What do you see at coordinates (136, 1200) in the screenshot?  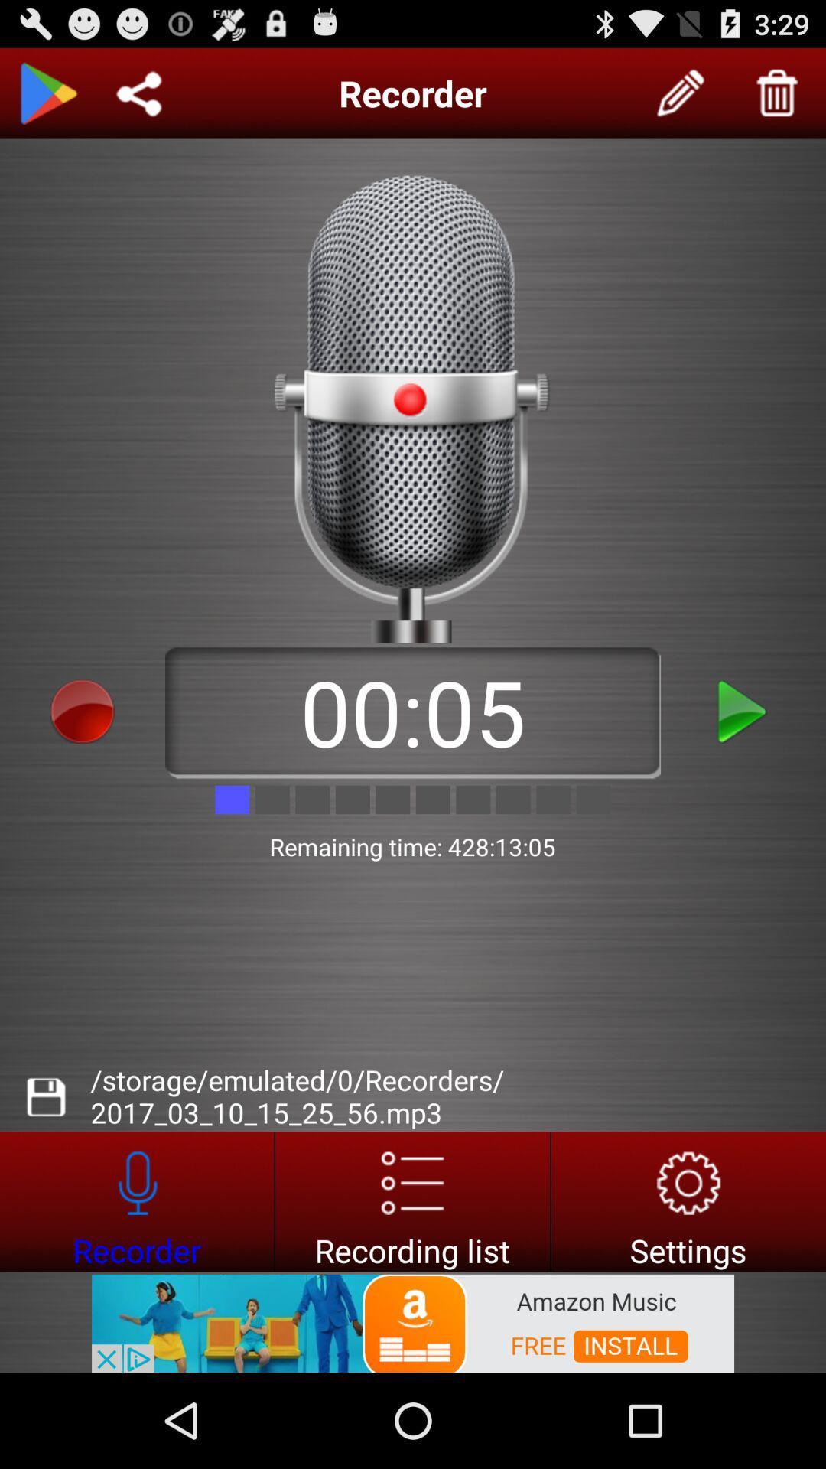 I see `recording` at bounding box center [136, 1200].